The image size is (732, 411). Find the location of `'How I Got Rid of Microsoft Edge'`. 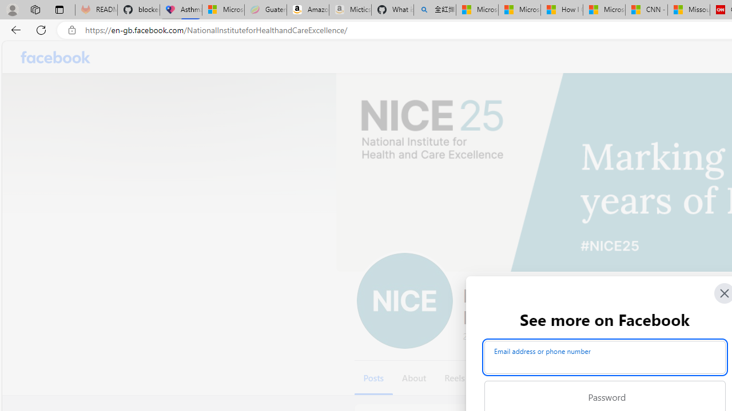

'How I Got Rid of Microsoft Edge' is located at coordinates (562, 10).